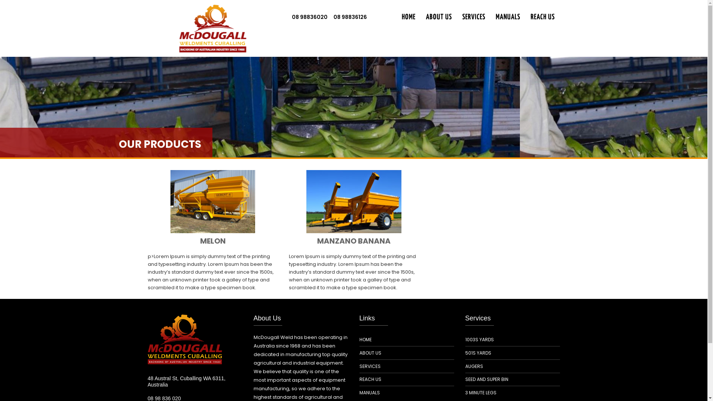 This screenshot has width=713, height=401. What do you see at coordinates (481, 392) in the screenshot?
I see `'3 MINUTE LEGS'` at bounding box center [481, 392].